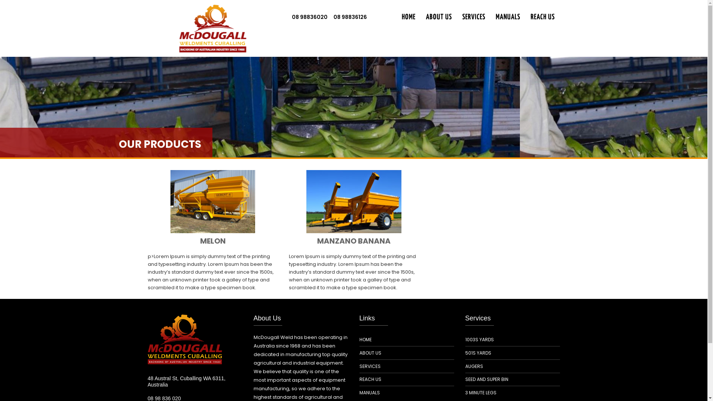 This screenshot has width=713, height=401. What do you see at coordinates (481, 392) in the screenshot?
I see `'3 MINUTE LEGS'` at bounding box center [481, 392].